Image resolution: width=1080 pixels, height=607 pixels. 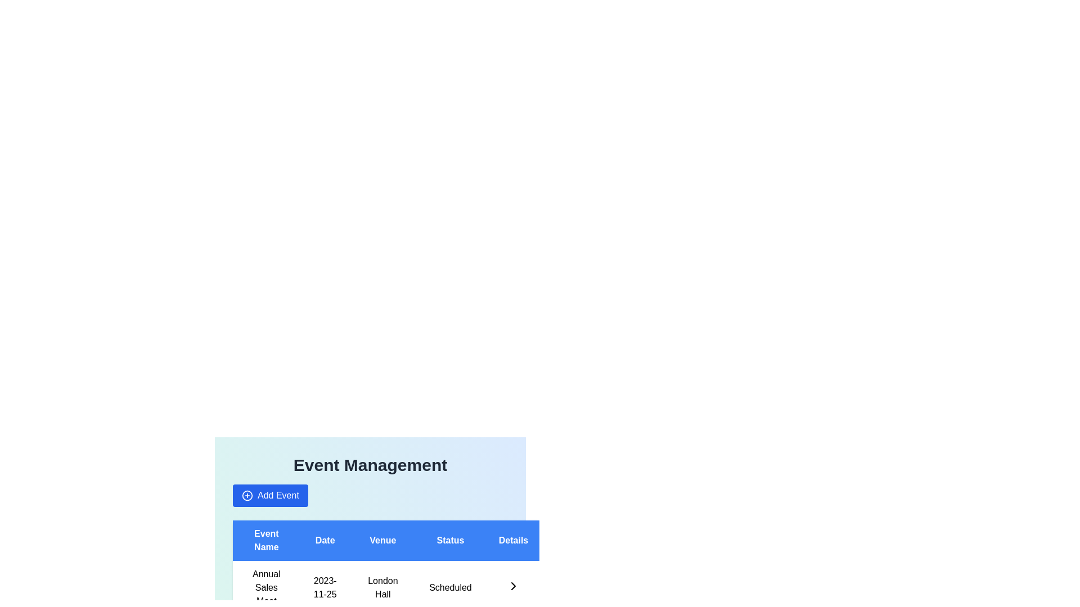 I want to click on the circular icon with a plus sign inside it, which is part of the 'Add Event' button located below the 'Event Management' title, so click(x=247, y=495).